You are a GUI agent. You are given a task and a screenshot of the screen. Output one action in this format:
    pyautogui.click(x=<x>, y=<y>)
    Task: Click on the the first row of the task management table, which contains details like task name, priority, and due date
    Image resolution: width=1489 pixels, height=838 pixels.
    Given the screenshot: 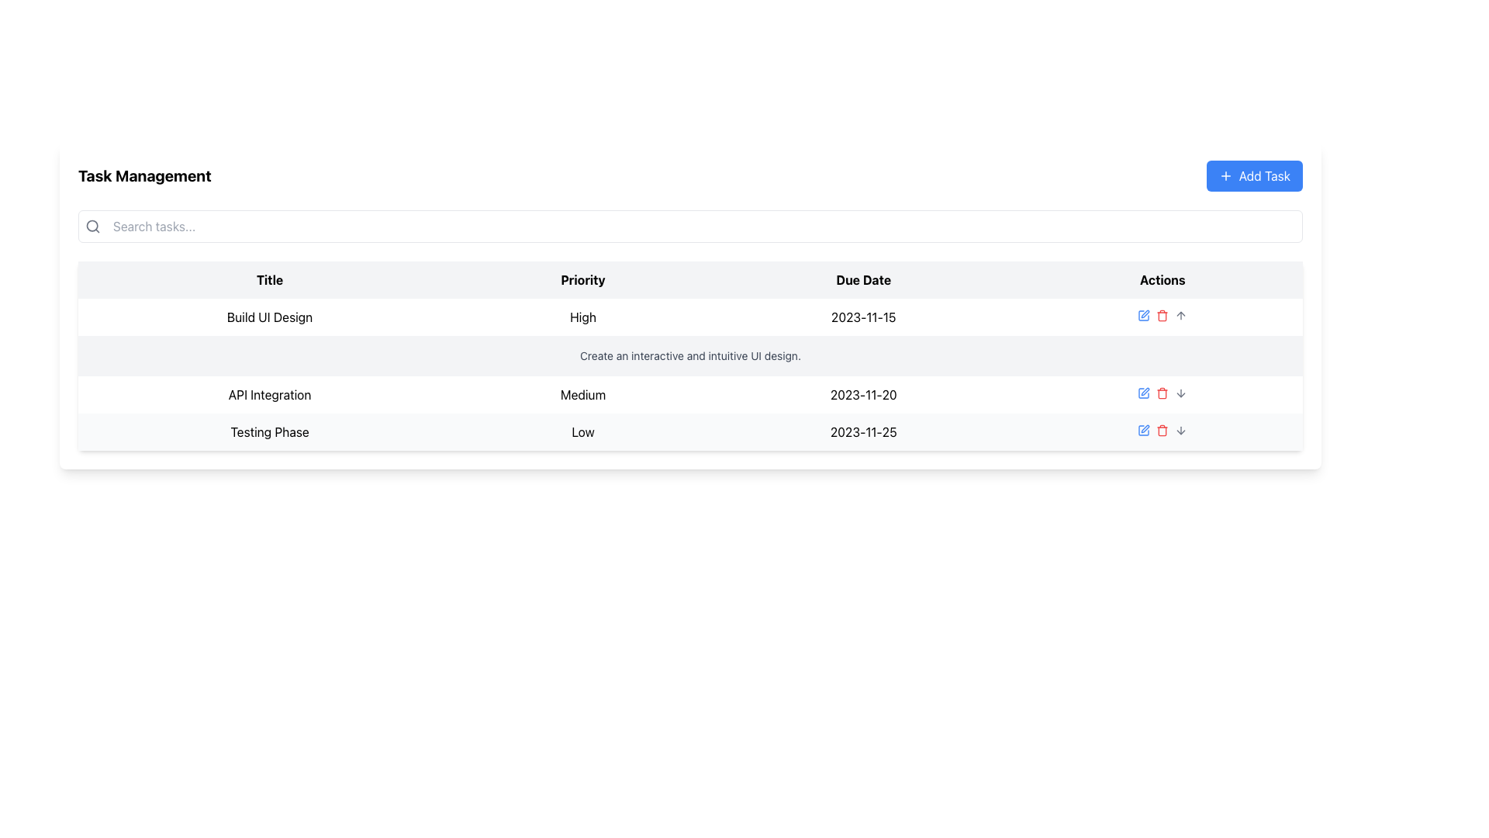 What is the action you would take?
    pyautogui.click(x=689, y=316)
    